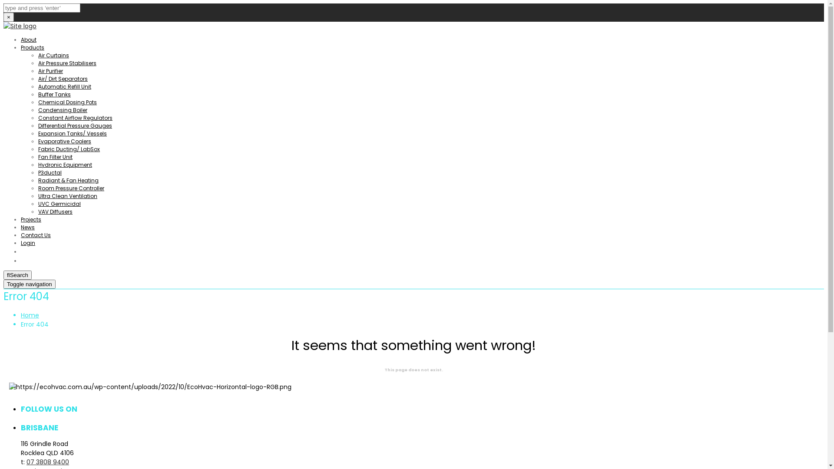  I want to click on 'Constant Airflow Regulators', so click(37, 118).